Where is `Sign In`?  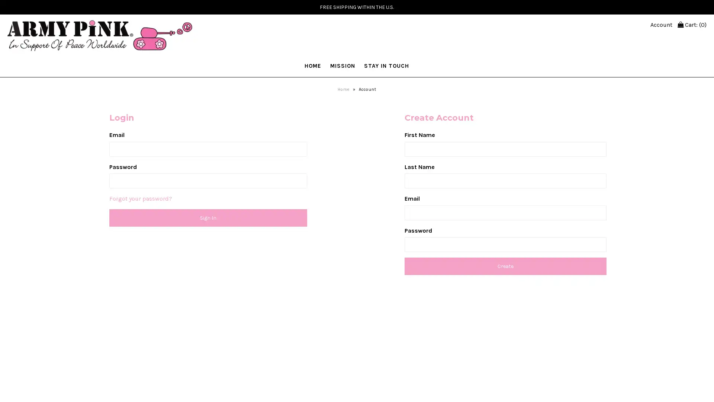 Sign In is located at coordinates (208, 217).